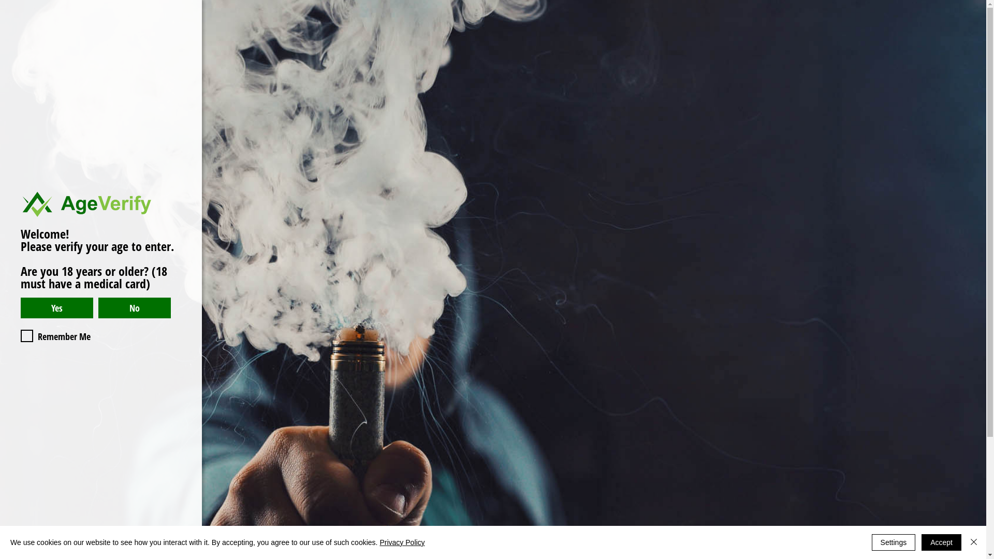  Describe the element at coordinates (134, 307) in the screenshot. I see `'No'` at that location.